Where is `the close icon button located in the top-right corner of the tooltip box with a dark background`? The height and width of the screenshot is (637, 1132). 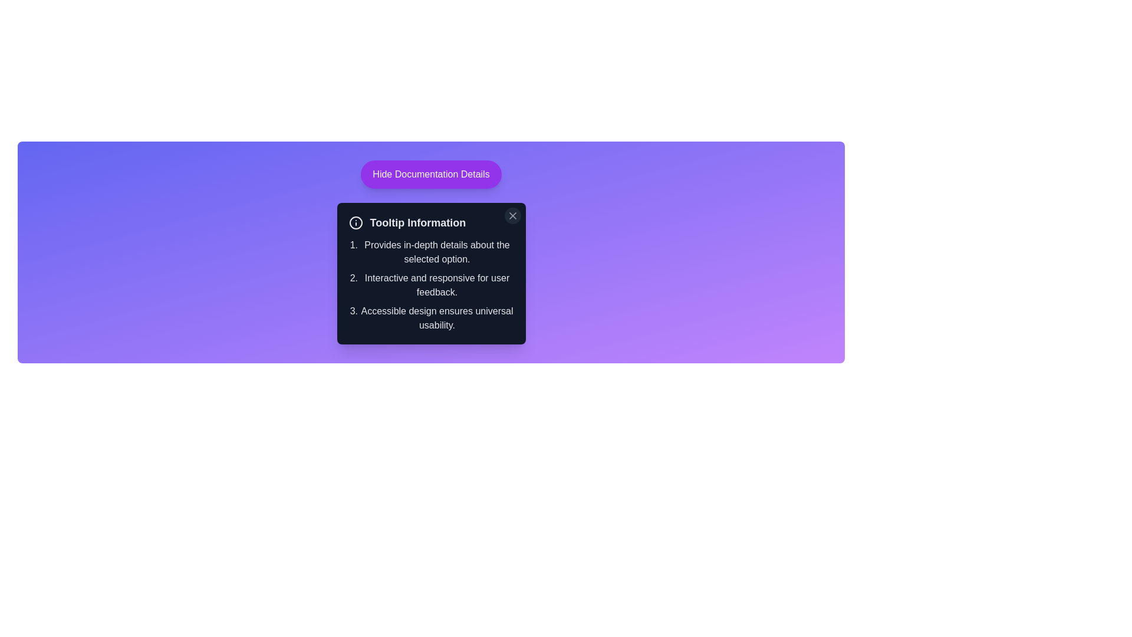
the close icon button located in the top-right corner of the tooltip box with a dark background is located at coordinates (512, 216).